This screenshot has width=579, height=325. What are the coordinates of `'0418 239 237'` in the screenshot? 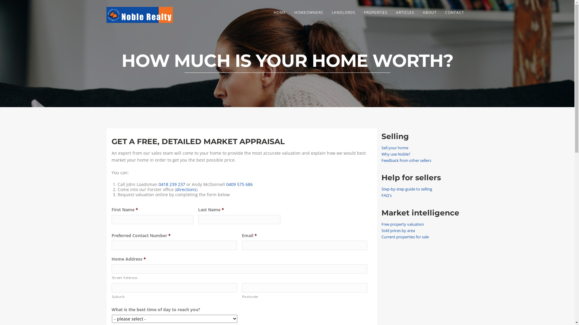 It's located at (172, 184).